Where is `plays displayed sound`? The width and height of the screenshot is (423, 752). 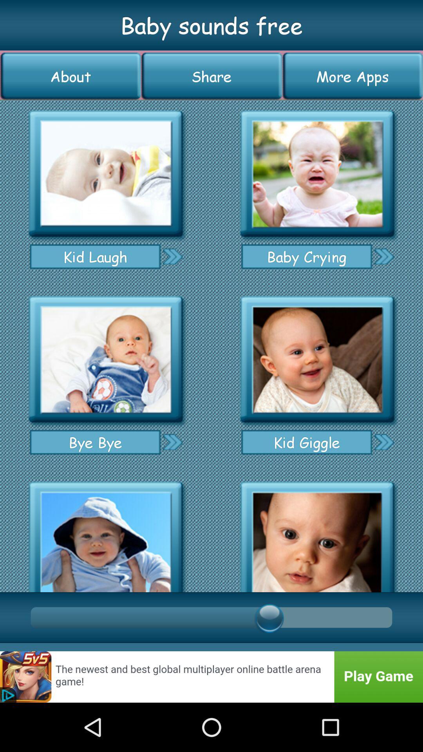 plays displayed sound is located at coordinates (106, 174).